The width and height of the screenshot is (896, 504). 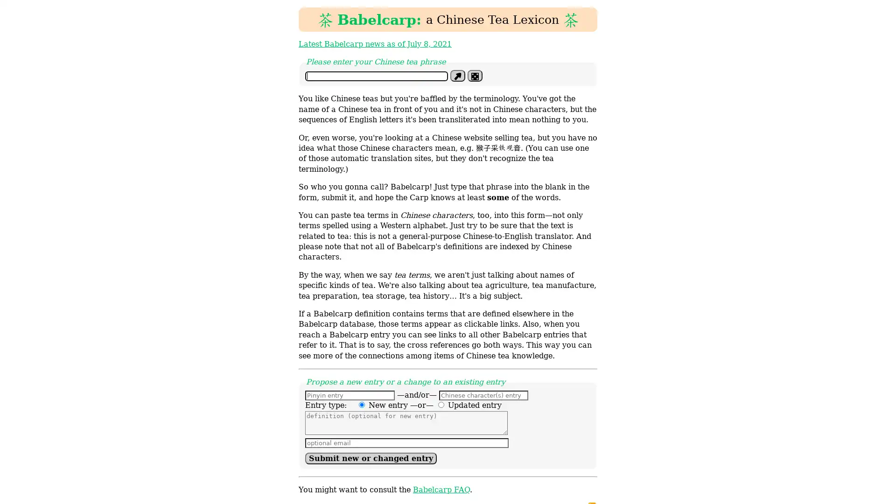 What do you see at coordinates (371, 457) in the screenshot?
I see `Submit new or changed entry` at bounding box center [371, 457].